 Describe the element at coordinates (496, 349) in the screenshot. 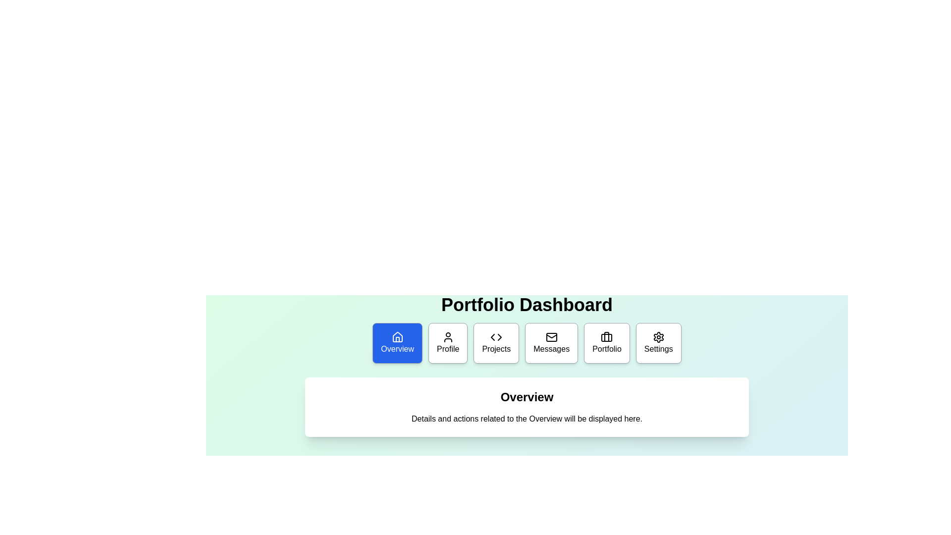

I see `the 'Projects' button in the menu` at that location.